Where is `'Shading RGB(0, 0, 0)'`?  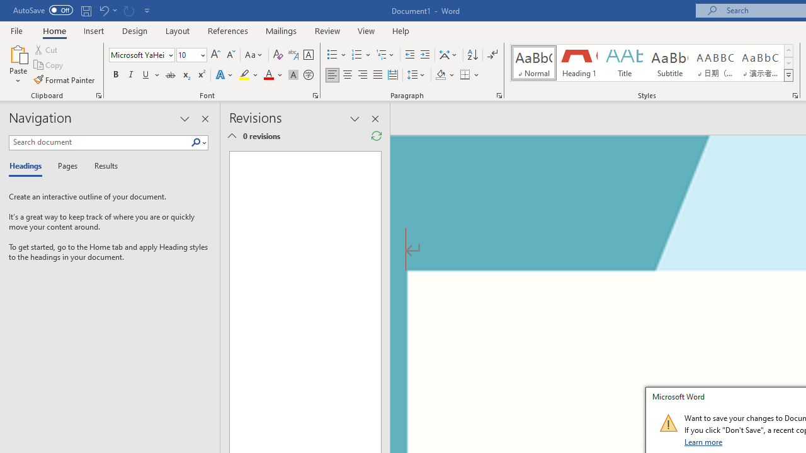
'Shading RGB(0, 0, 0)' is located at coordinates (440, 75).